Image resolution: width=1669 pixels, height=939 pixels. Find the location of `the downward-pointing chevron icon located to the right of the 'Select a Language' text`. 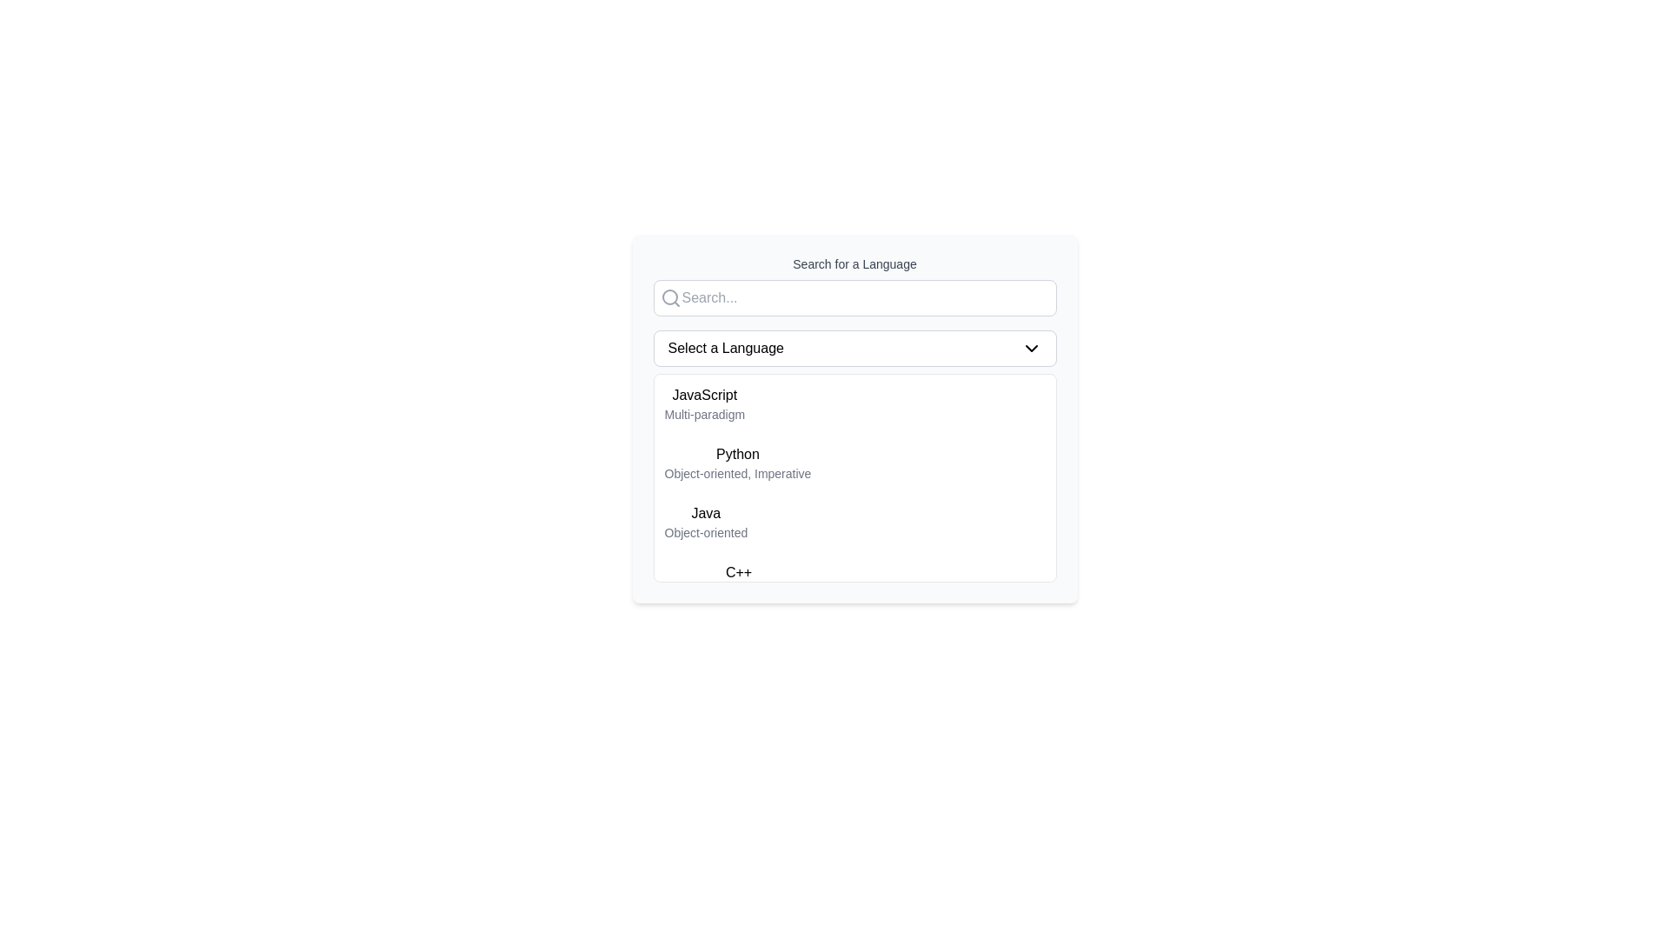

the downward-pointing chevron icon located to the right of the 'Select a Language' text is located at coordinates (1031, 349).